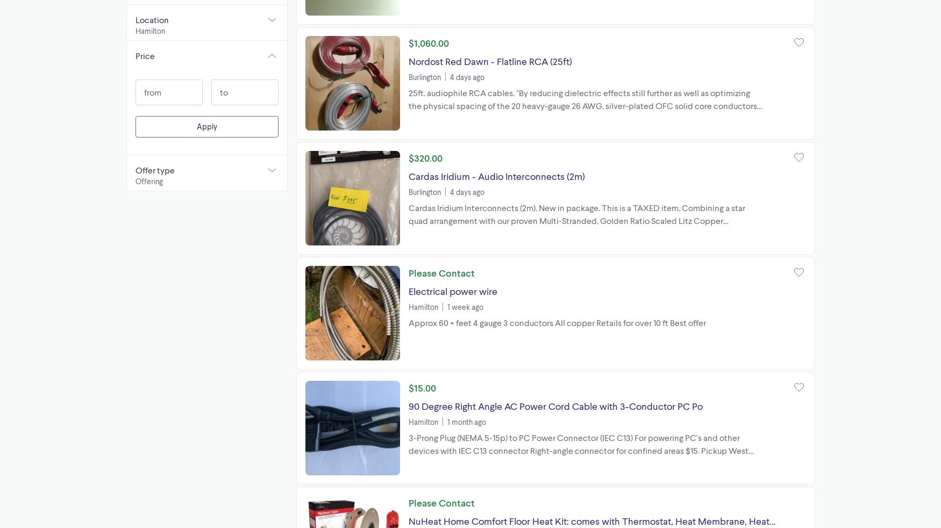  I want to click on 'Location', so click(151, 19).